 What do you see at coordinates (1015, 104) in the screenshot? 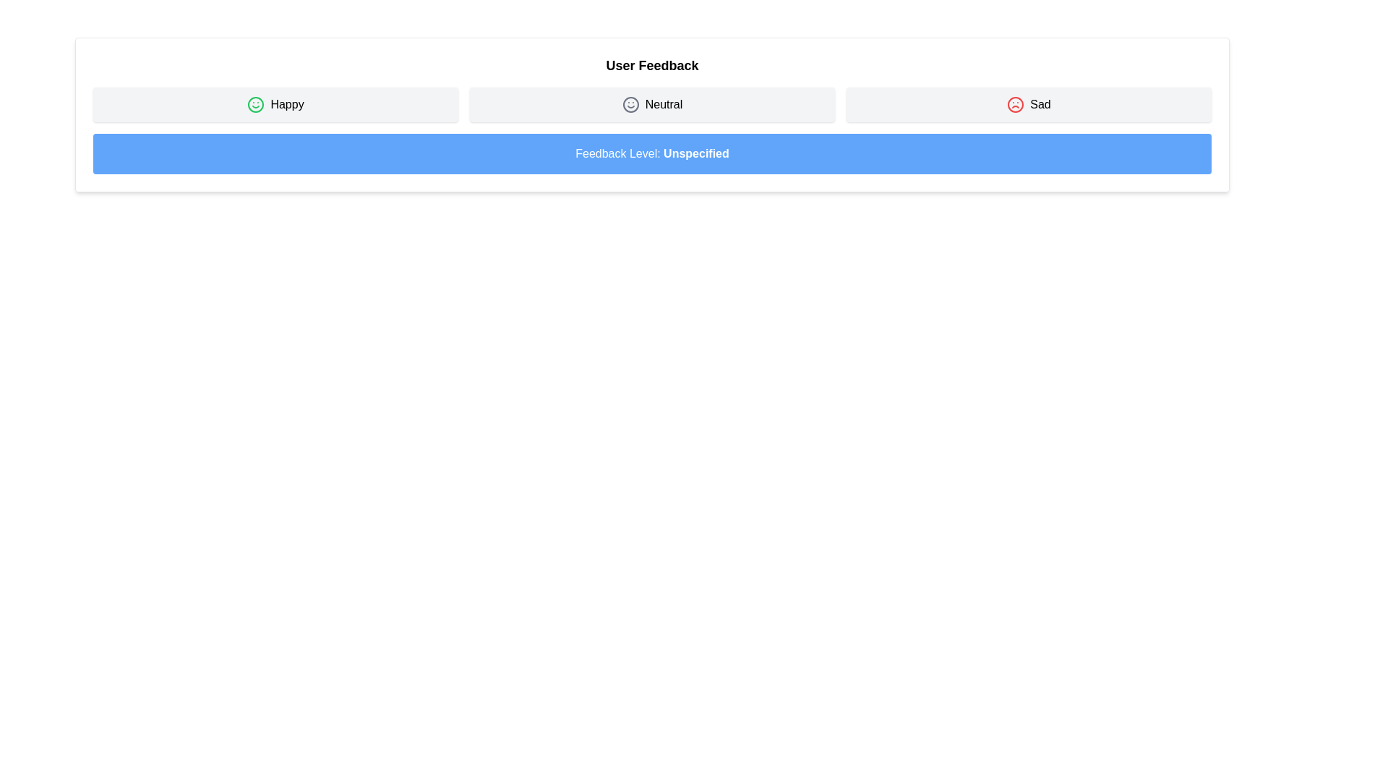
I see `the visual state of the frowning face icon, which is represented by the circle border of the 'Sad' feedback button located at the rightmost position among three feedback buttons` at bounding box center [1015, 104].